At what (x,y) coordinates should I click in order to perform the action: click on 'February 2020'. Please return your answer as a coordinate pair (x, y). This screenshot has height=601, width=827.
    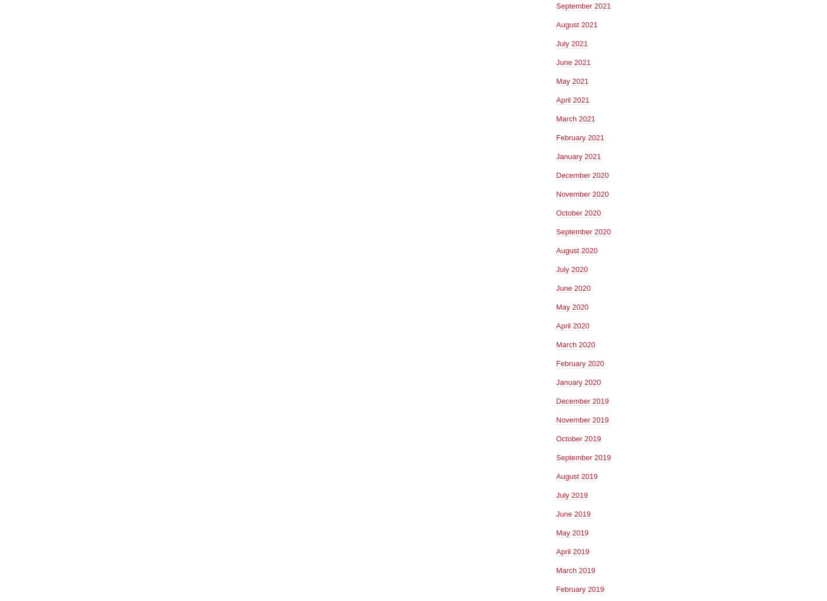
    Looking at the image, I should click on (556, 363).